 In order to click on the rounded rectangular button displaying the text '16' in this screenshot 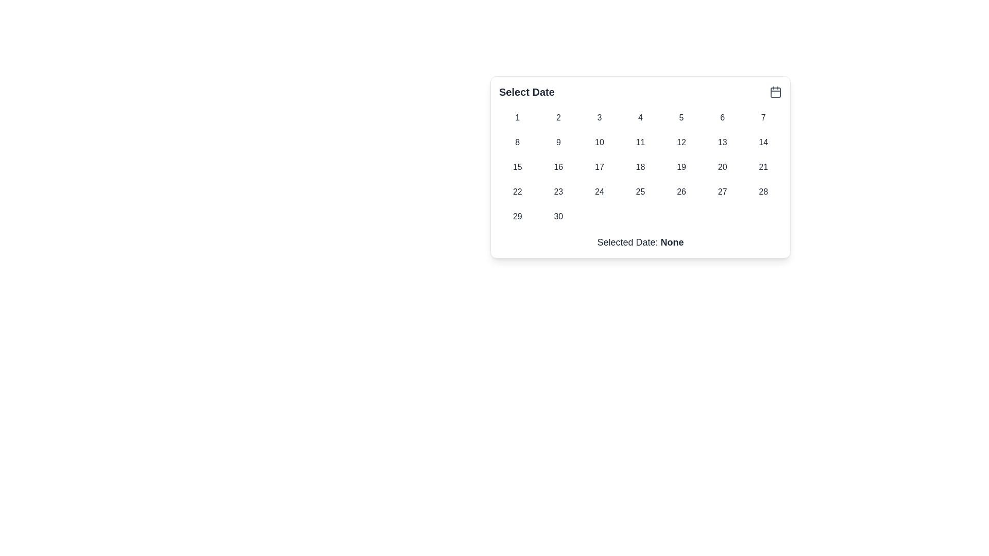, I will do `click(558, 166)`.